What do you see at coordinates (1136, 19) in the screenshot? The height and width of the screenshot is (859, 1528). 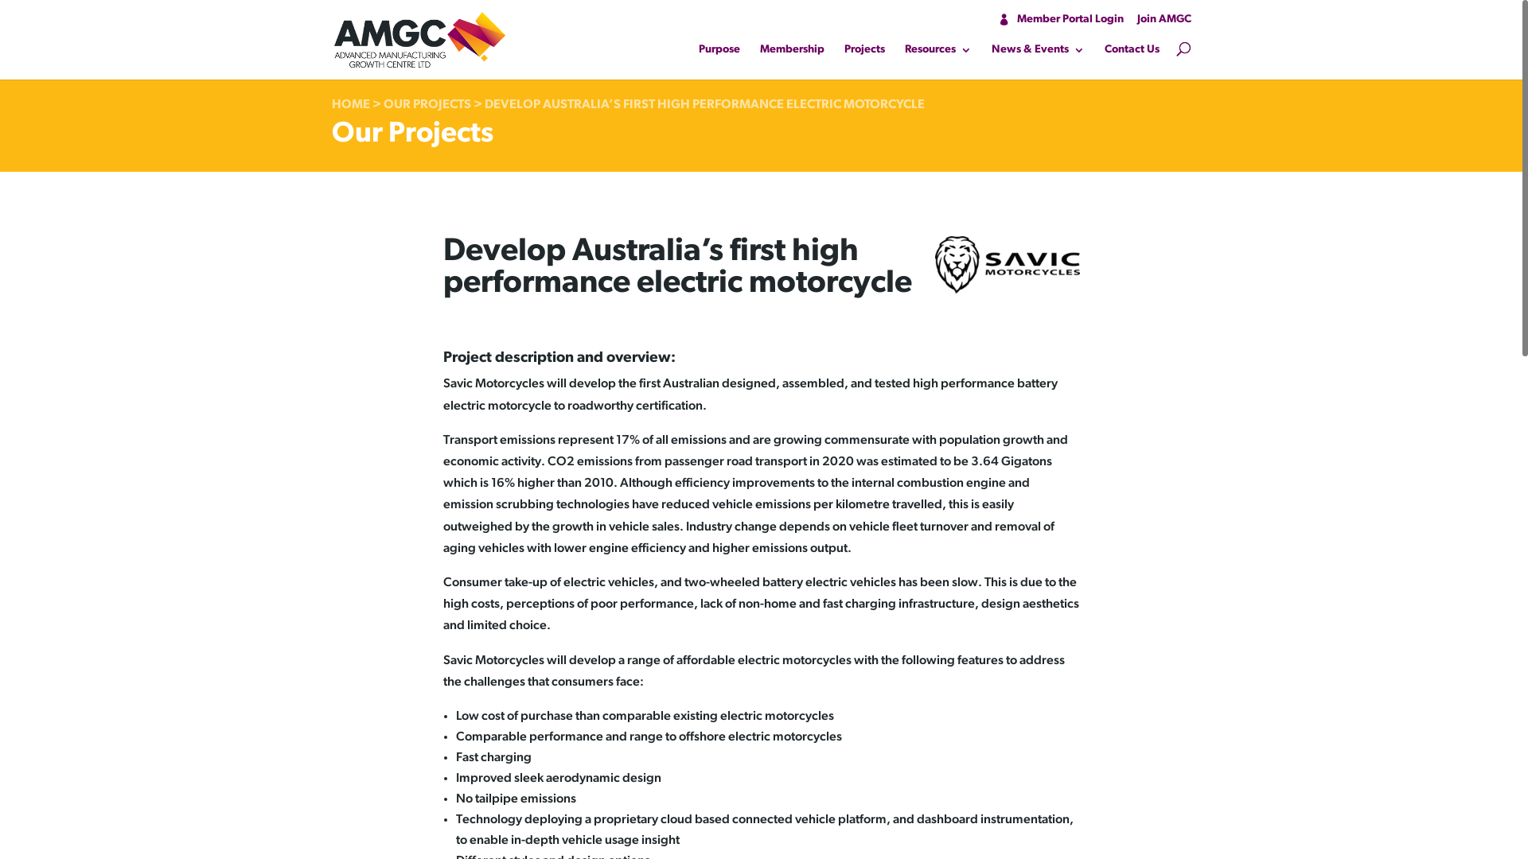 I see `'Join AMGC'` at bounding box center [1136, 19].